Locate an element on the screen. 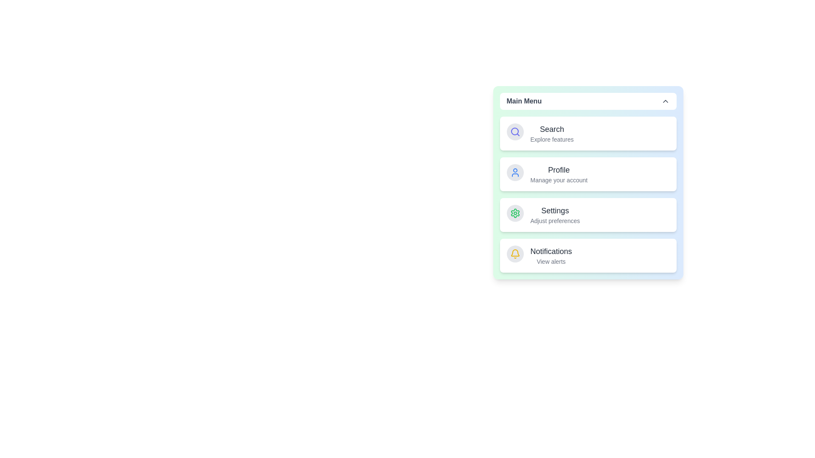  the menu item Settings from the list is located at coordinates (552, 214).